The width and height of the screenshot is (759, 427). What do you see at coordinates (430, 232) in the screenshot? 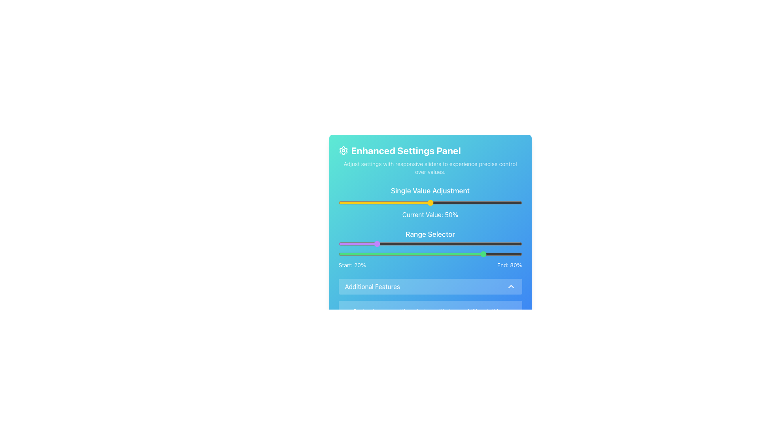
I see `the 'Enhanced Settings Panel' which features a gradient background and contains interactive sliders for adjusting settings` at bounding box center [430, 232].